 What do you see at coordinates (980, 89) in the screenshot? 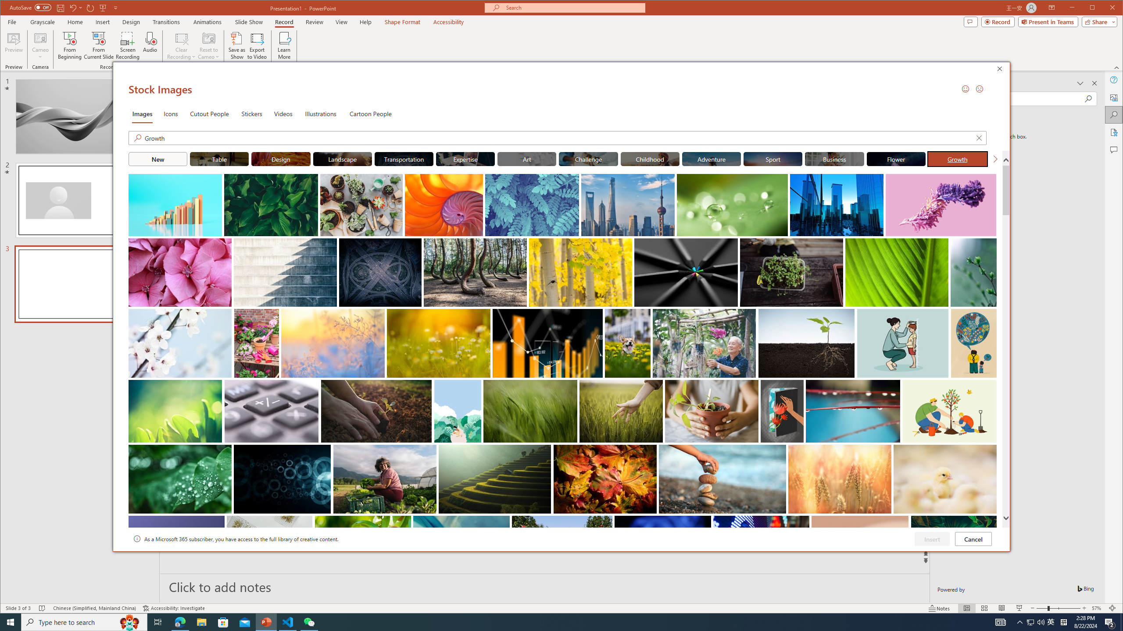
I see `'Send a Frown'` at bounding box center [980, 89].